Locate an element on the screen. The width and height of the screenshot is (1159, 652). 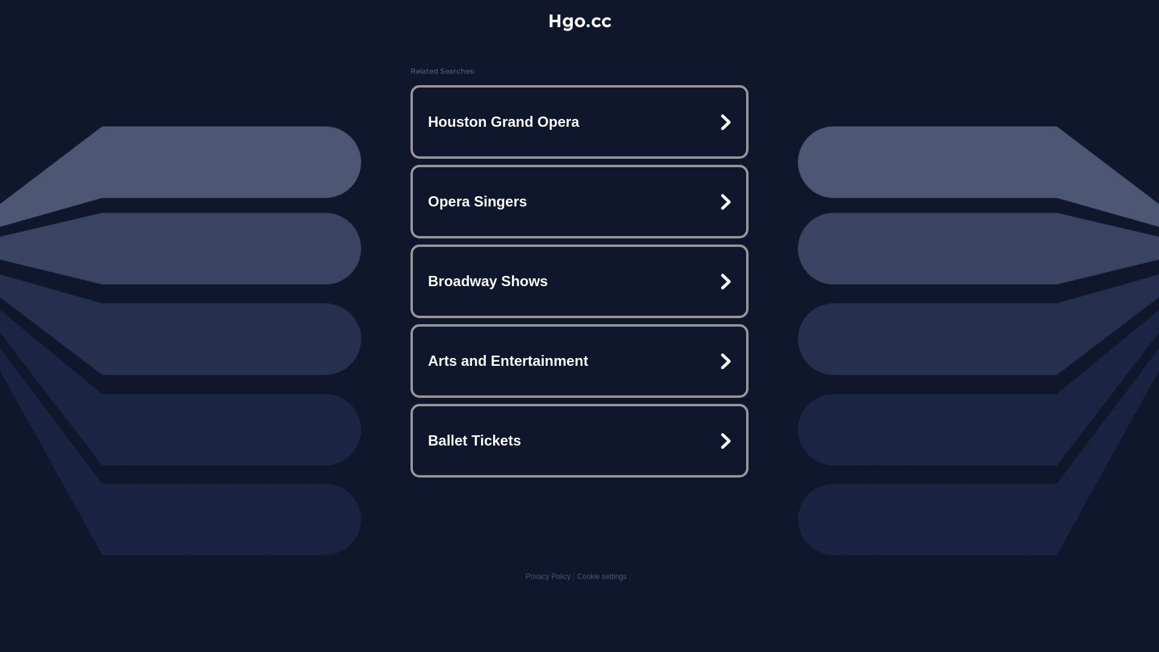
'Cookie settings' is located at coordinates (602, 576).